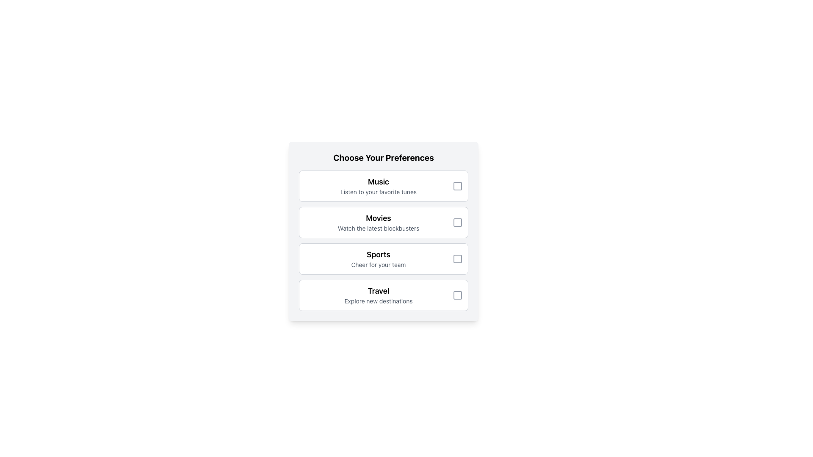  What do you see at coordinates (383, 185) in the screenshot?
I see `title and description of the 'Music' option selector checkbox located at the top of the 'Choose Your Preferences' list` at bounding box center [383, 185].